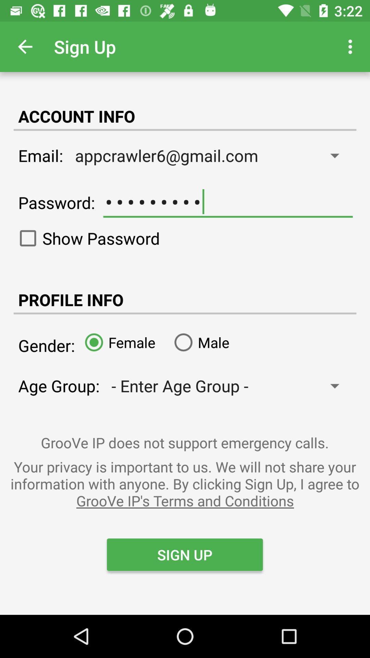  I want to click on the icon next to the sign up app, so click(352, 46).